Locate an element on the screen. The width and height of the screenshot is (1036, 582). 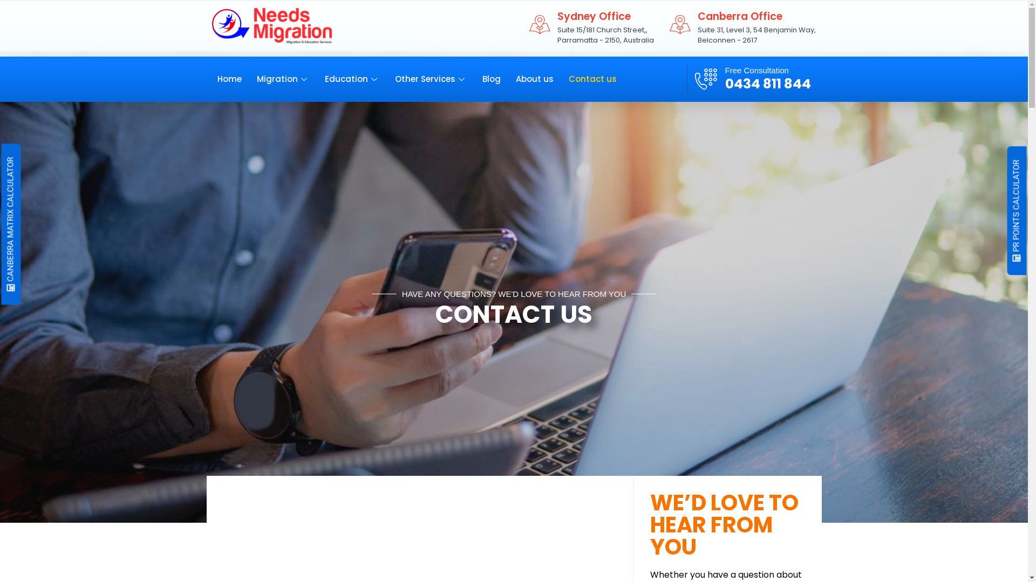
'Other Services' is located at coordinates (438, 78).